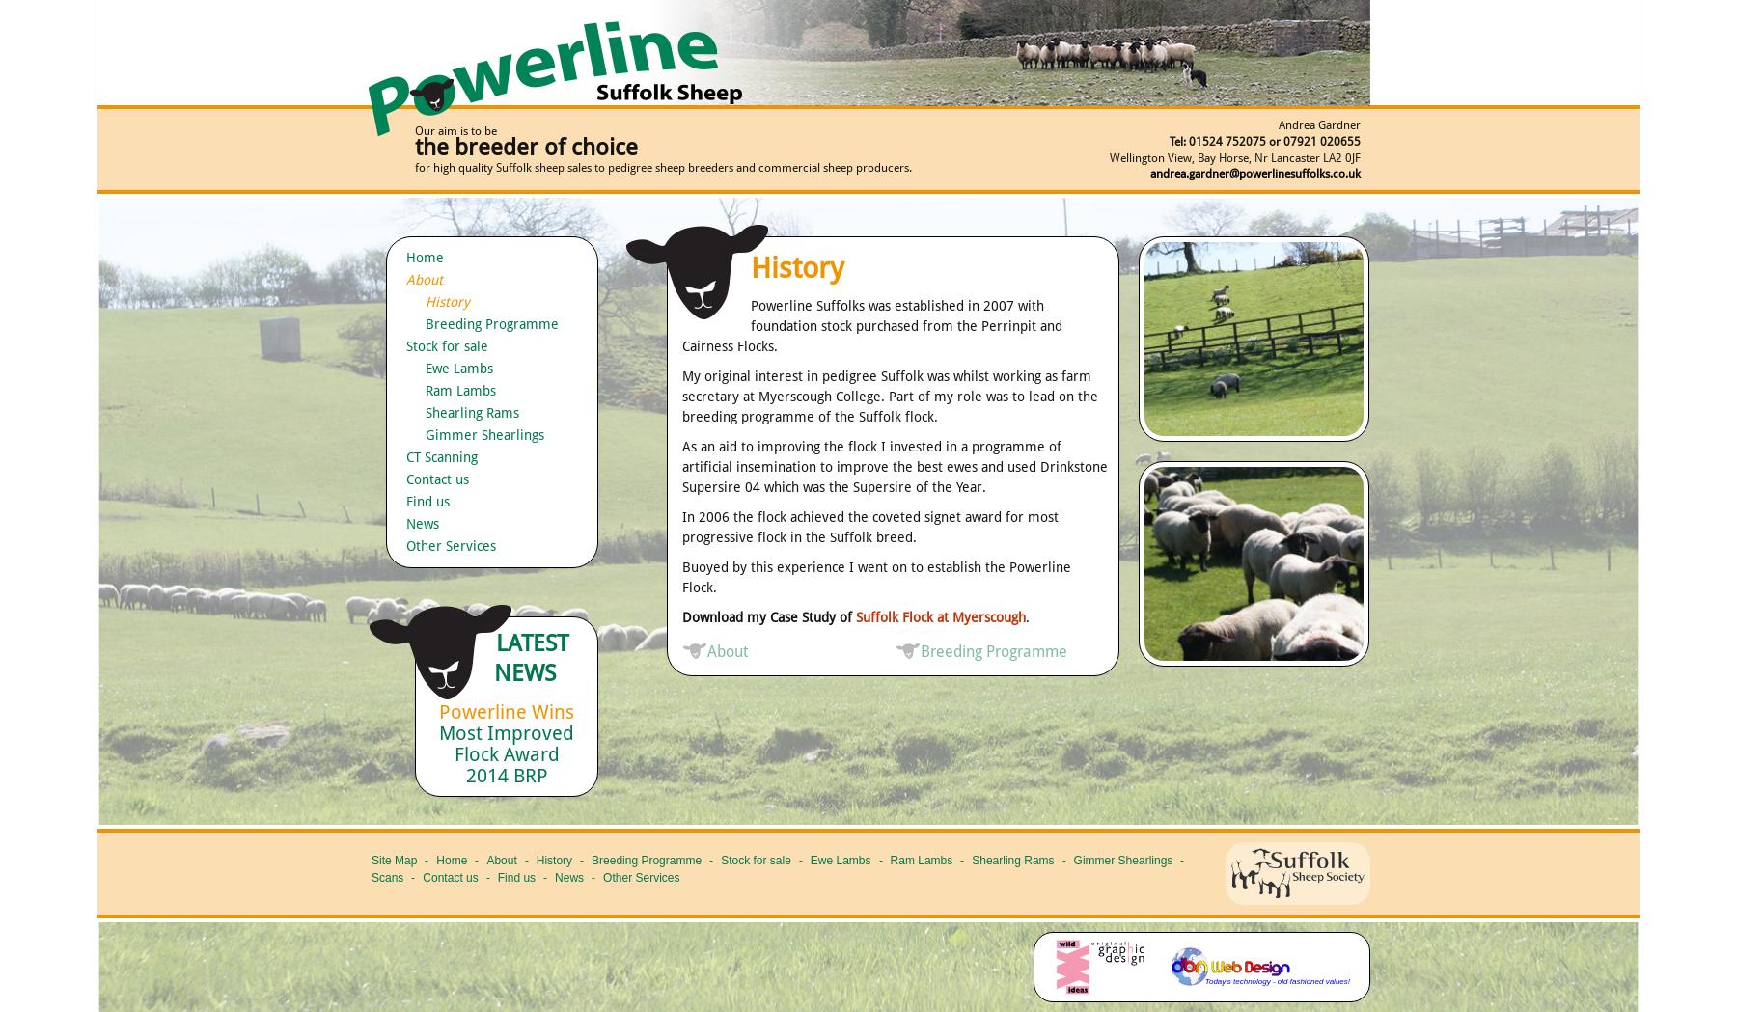 The height and width of the screenshot is (1012, 1737). Describe the element at coordinates (868, 527) in the screenshot. I see `'In 2006 the flock achieved the coveted signet award for most progressive flock in the Suffolk breed.'` at that location.